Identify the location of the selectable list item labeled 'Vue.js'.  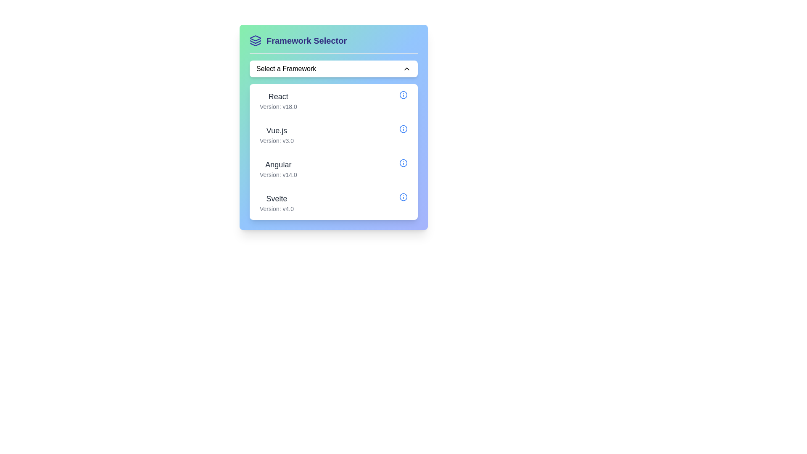
(277, 134).